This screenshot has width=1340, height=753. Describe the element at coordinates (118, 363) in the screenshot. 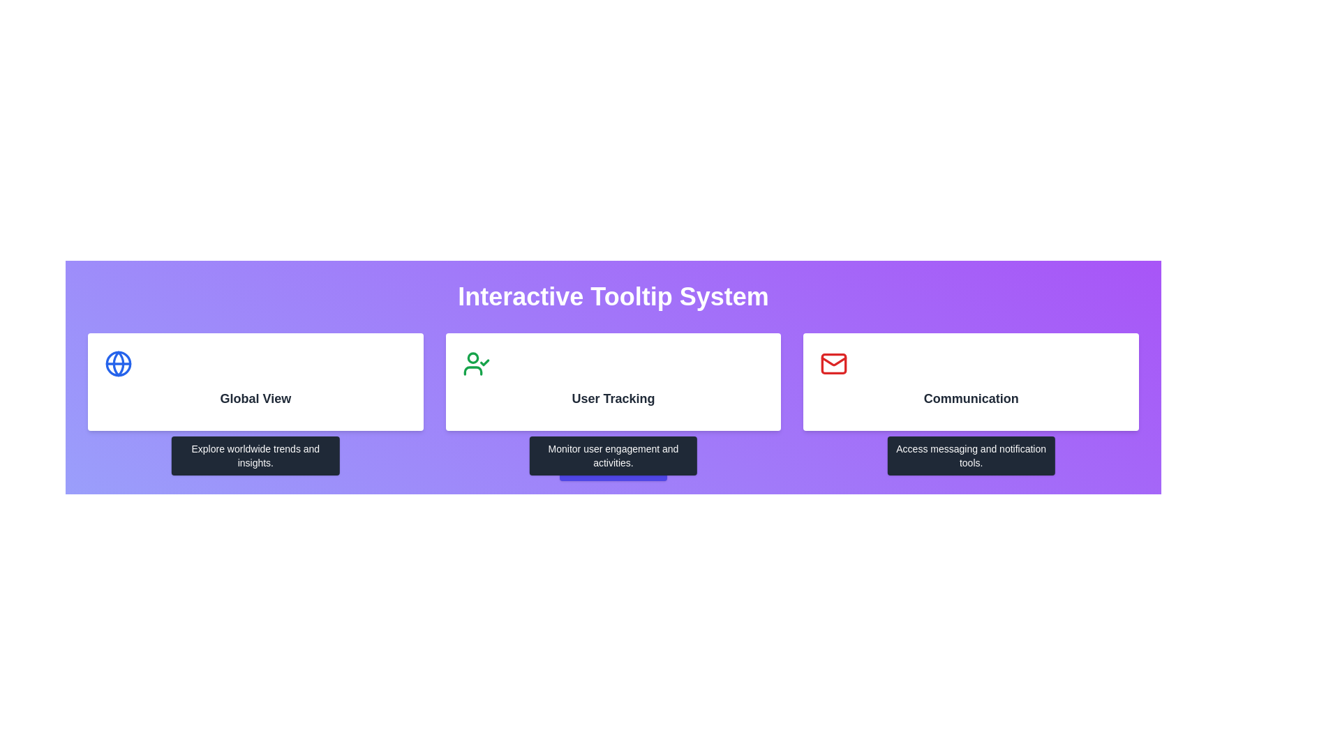

I see `the SVG Circle element that is centrally located within the globe icon on the left side of the layout` at that location.